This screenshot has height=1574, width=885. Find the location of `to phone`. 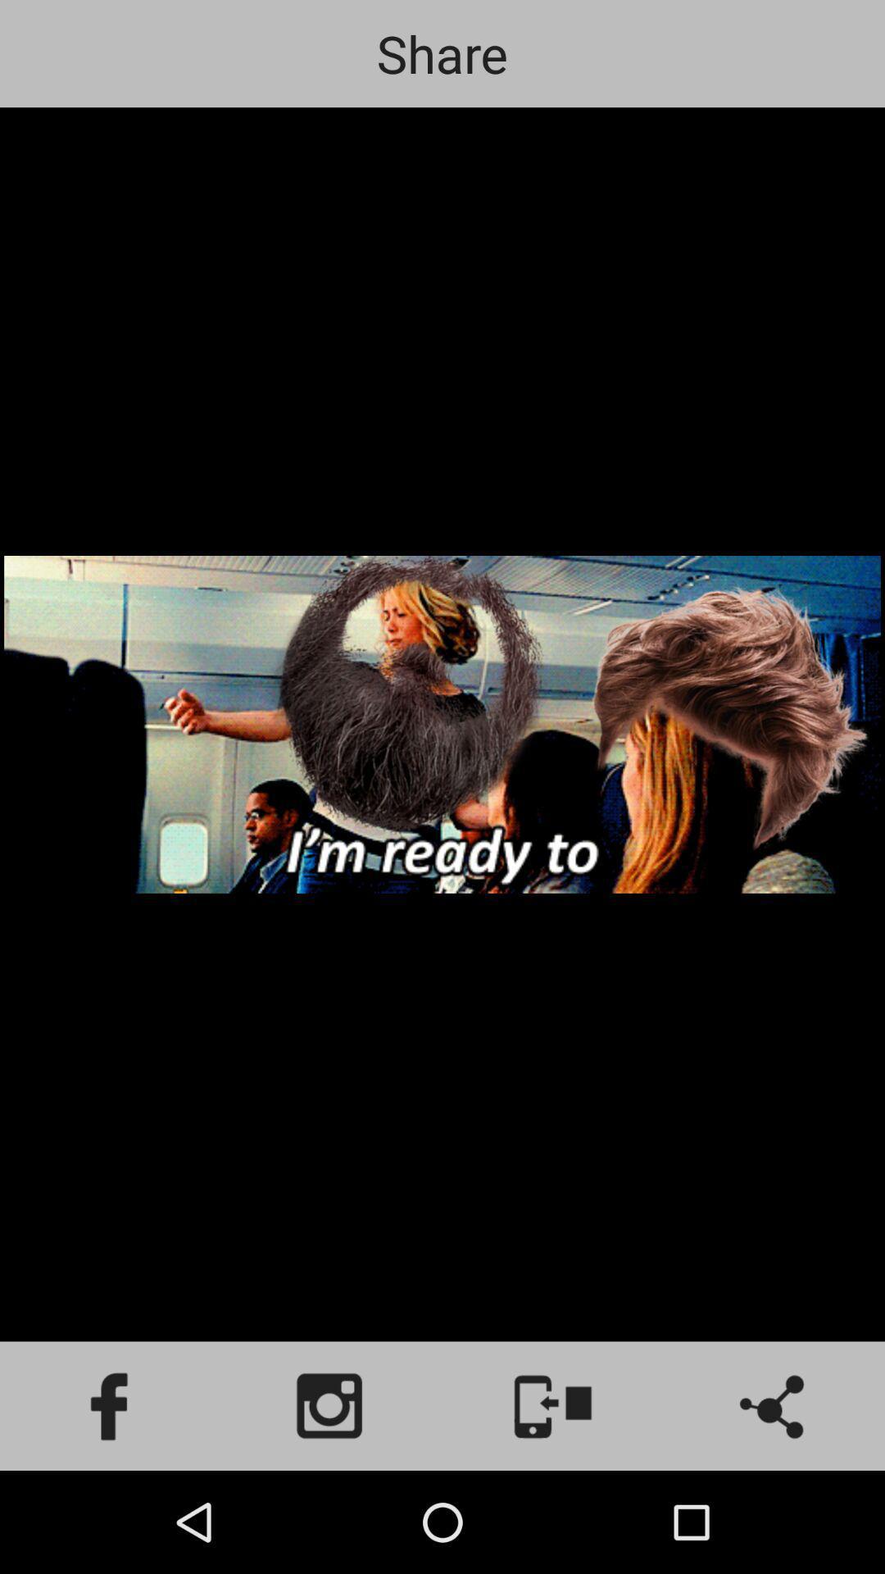

to phone is located at coordinates (553, 1405).